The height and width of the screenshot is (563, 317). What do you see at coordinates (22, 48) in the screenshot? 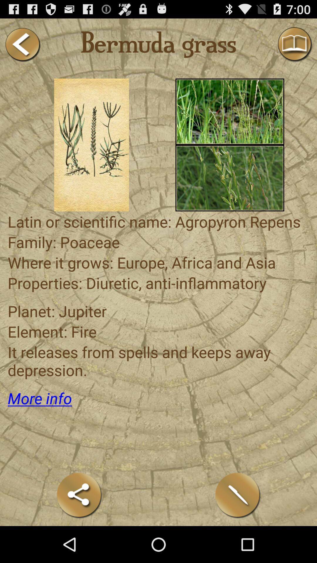
I see `the arrow_backward icon` at bounding box center [22, 48].